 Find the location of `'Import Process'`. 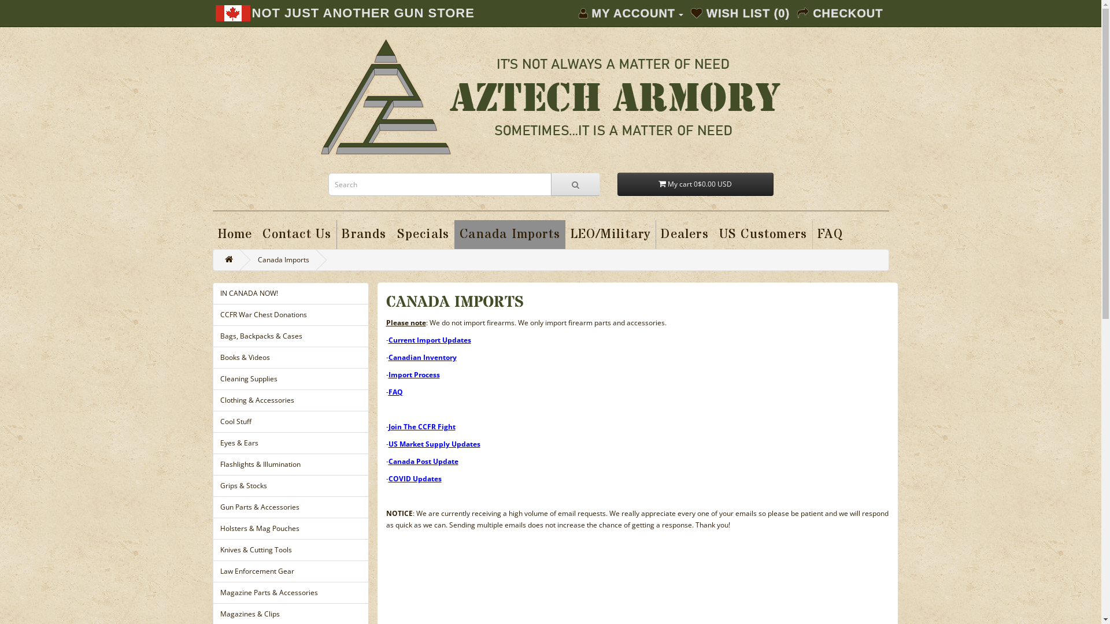

'Import Process' is located at coordinates (414, 374).